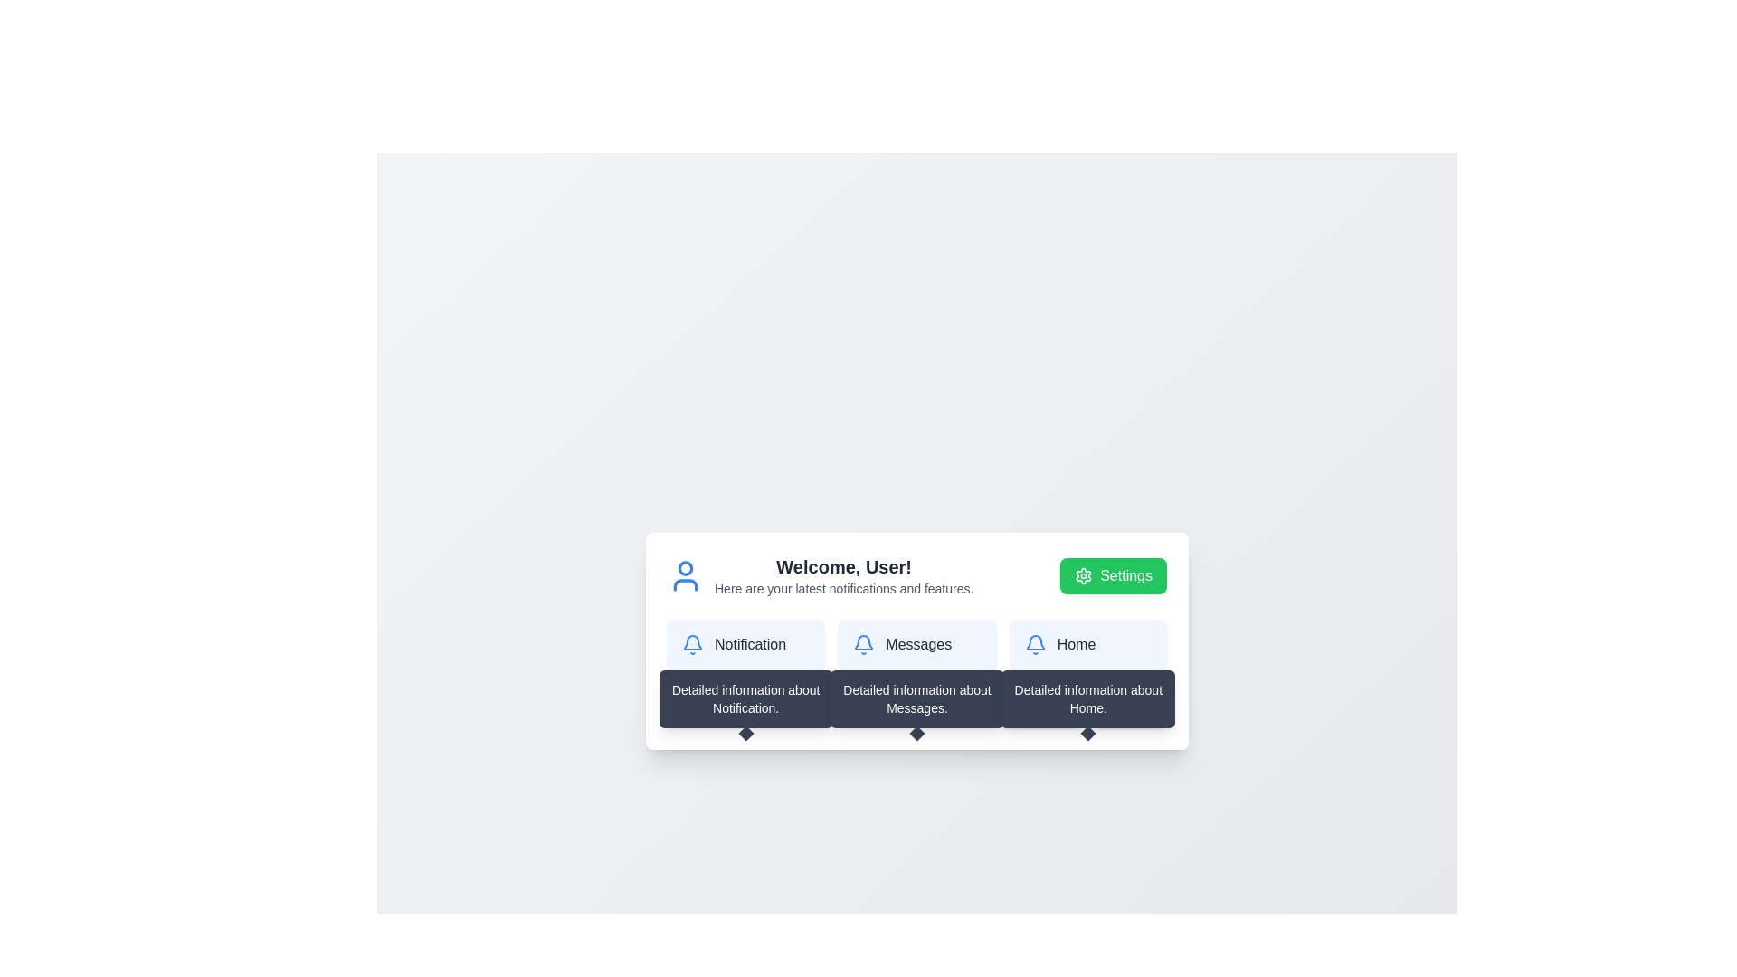 This screenshot has height=977, width=1737. What do you see at coordinates (843, 589) in the screenshot?
I see `the text label displaying 'Here are your latest notifications and features.' which is positioned directly below 'Welcome, User!'` at bounding box center [843, 589].